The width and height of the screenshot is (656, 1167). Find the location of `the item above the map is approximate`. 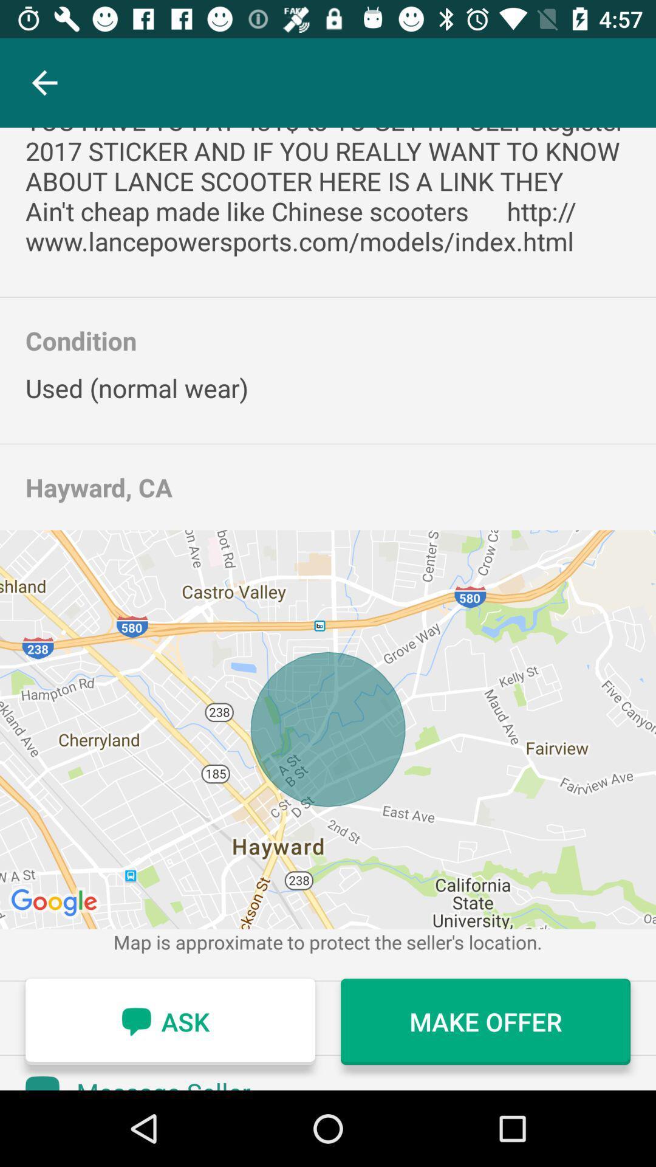

the item above the map is approximate is located at coordinates (328, 729).